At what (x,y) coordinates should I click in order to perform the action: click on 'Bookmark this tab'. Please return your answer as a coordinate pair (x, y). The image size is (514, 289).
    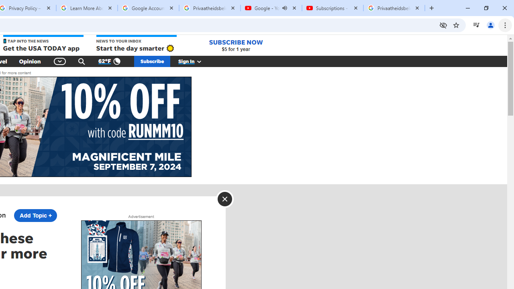
    Looking at the image, I should click on (456, 24).